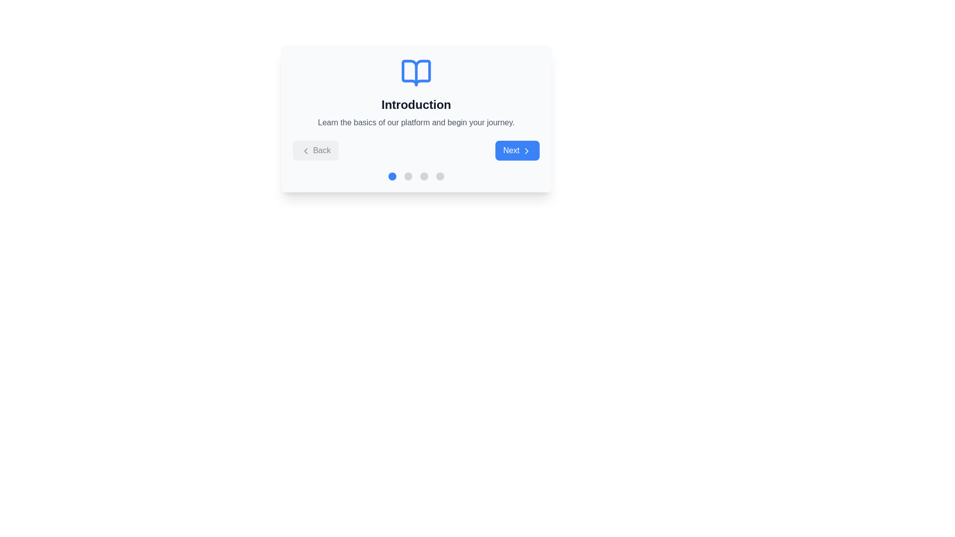 The width and height of the screenshot is (955, 537). I want to click on the third circular step indicator, which visually represents the current step in a multi-step process, located between the 'Back' and 'Next' buttons, so click(424, 176).